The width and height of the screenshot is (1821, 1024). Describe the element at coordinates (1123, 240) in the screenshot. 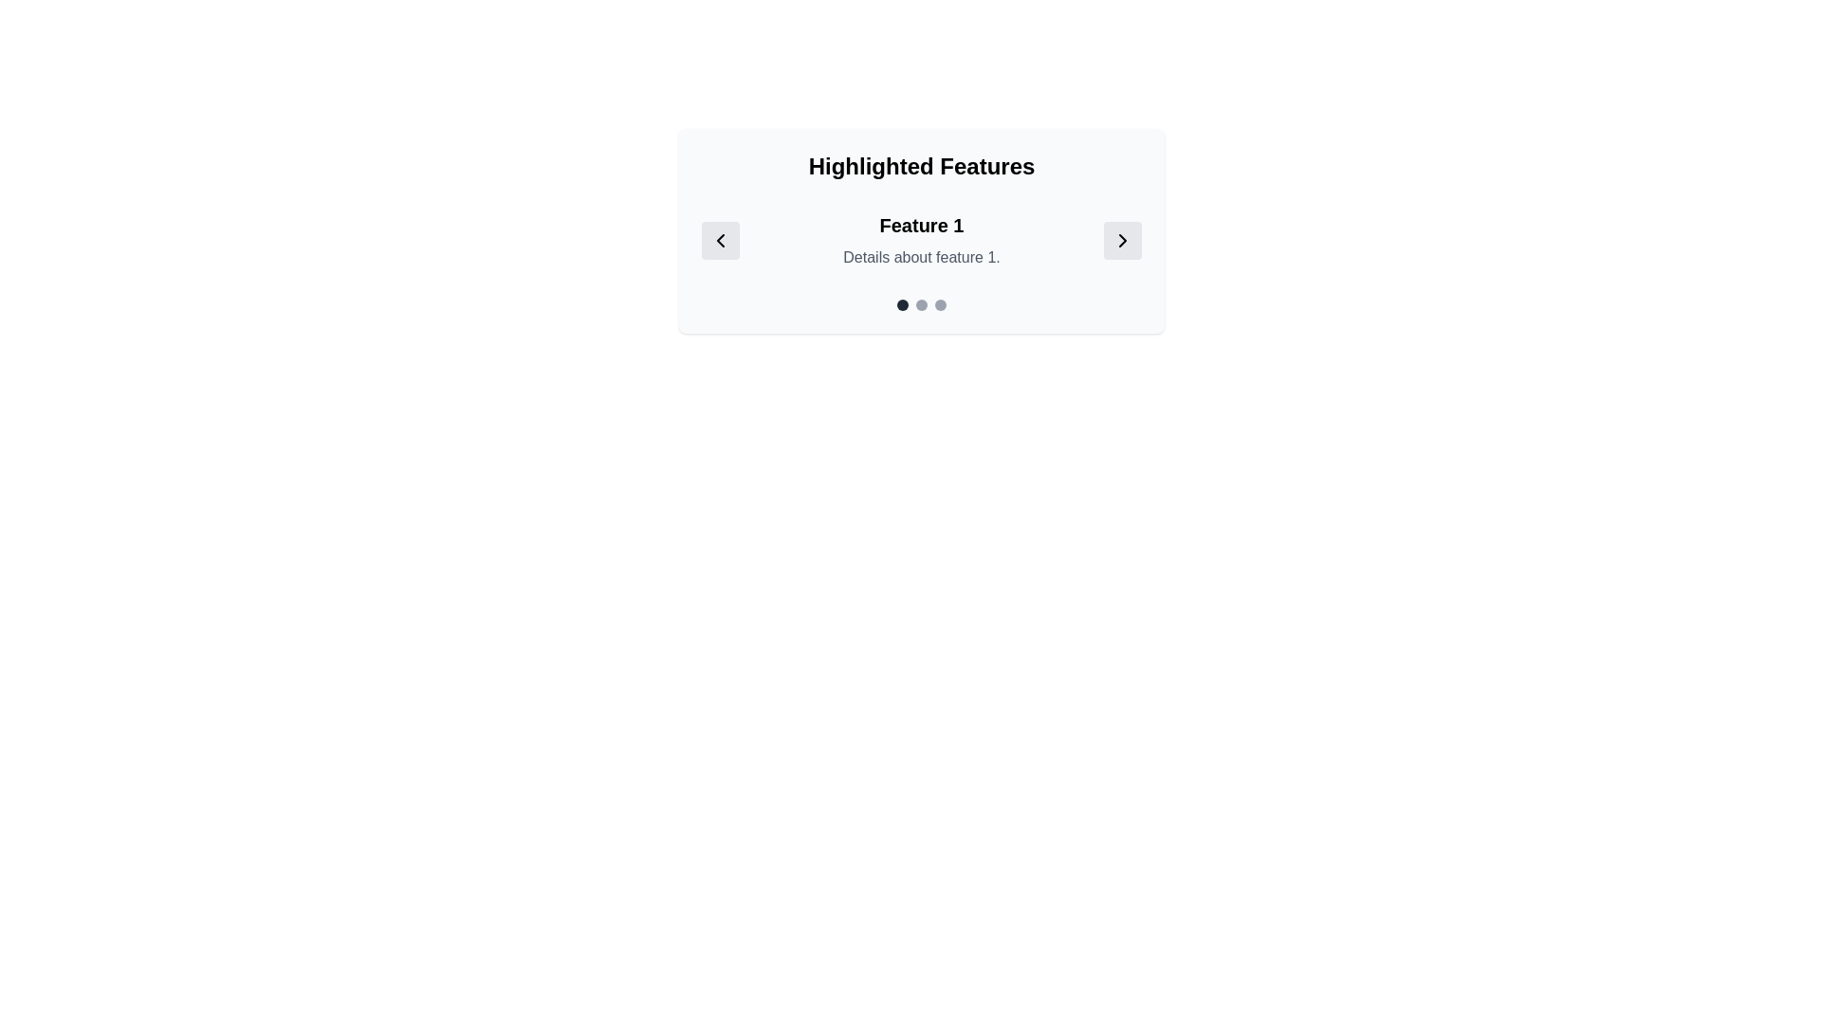

I see `the rightward navigation button icon, which is located at the right end of the carousel interface, to observe any interactive visual effects` at that location.